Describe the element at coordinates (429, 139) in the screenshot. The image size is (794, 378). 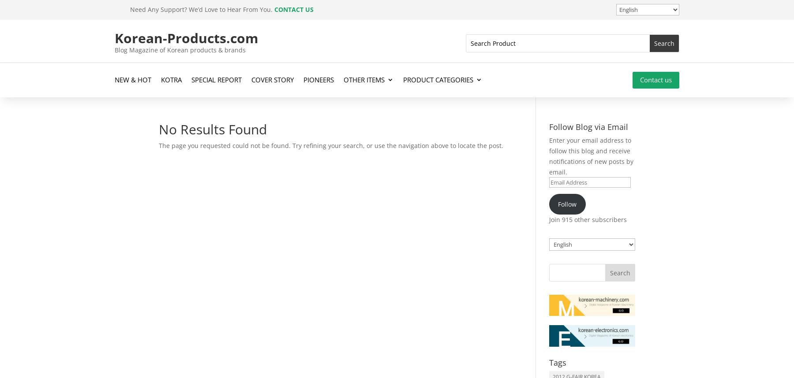
I see `'Chemical'` at that location.